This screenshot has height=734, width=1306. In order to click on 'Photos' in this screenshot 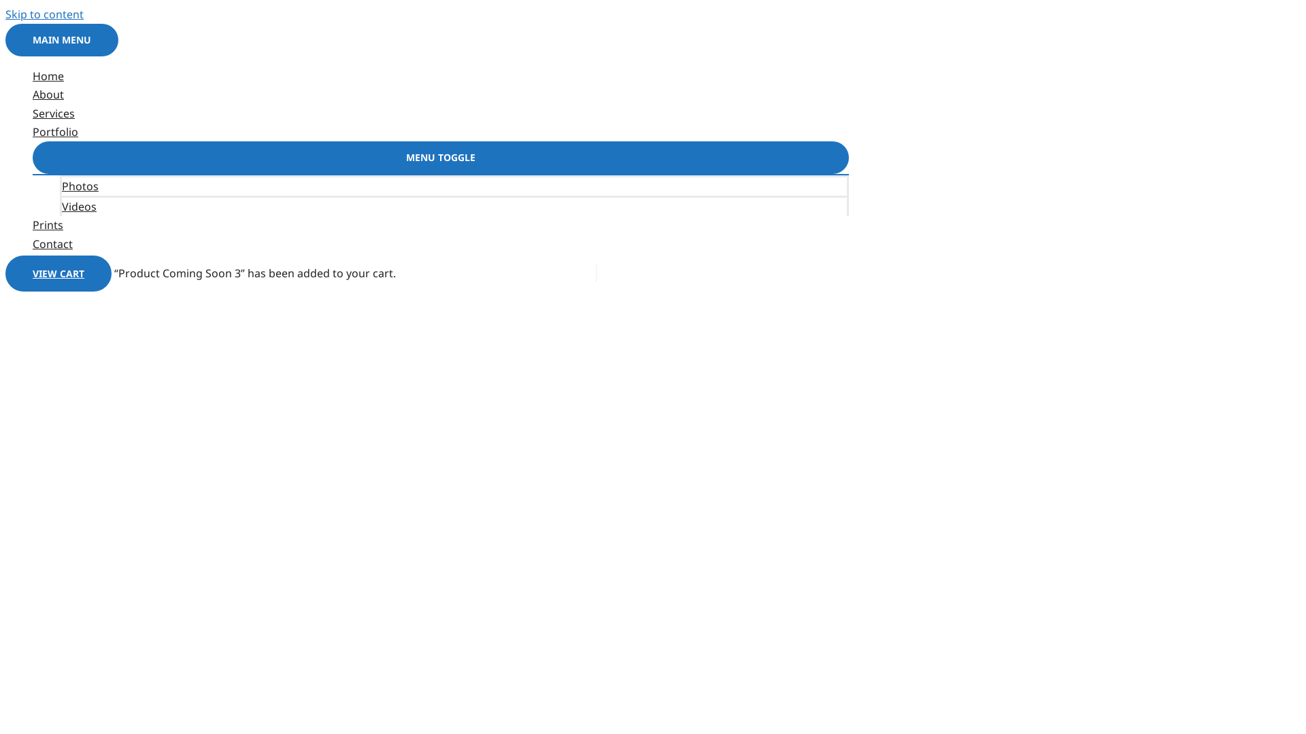, I will do `click(454, 186)`.